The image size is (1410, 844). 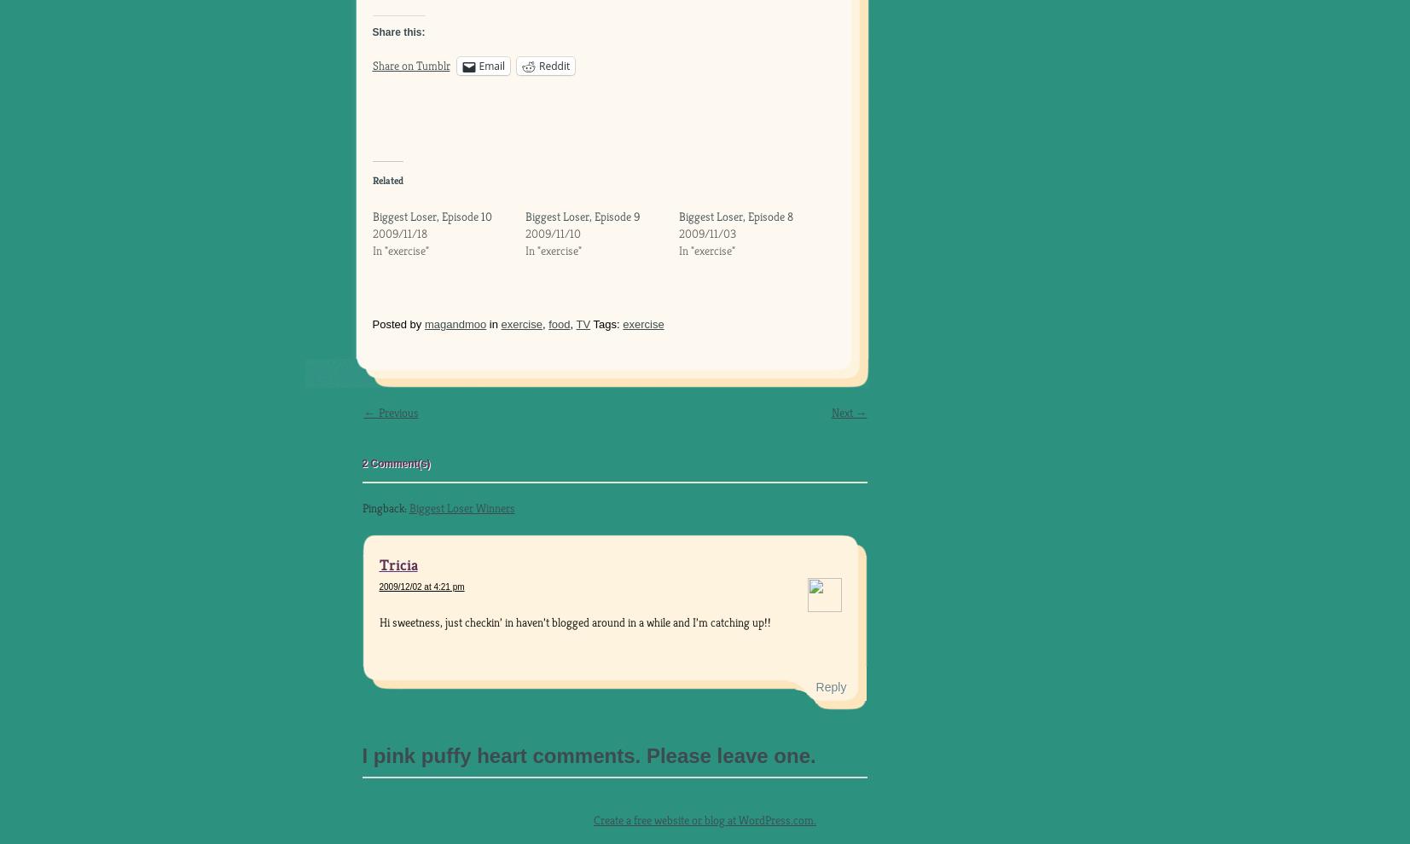 I want to click on 'Next →', so click(x=848, y=412).